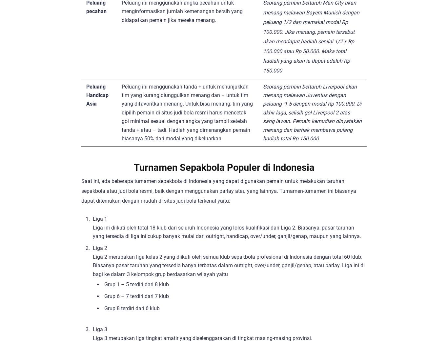 This screenshot has width=448, height=342. Describe the element at coordinates (100, 329) in the screenshot. I see `'Liga 3'` at that location.